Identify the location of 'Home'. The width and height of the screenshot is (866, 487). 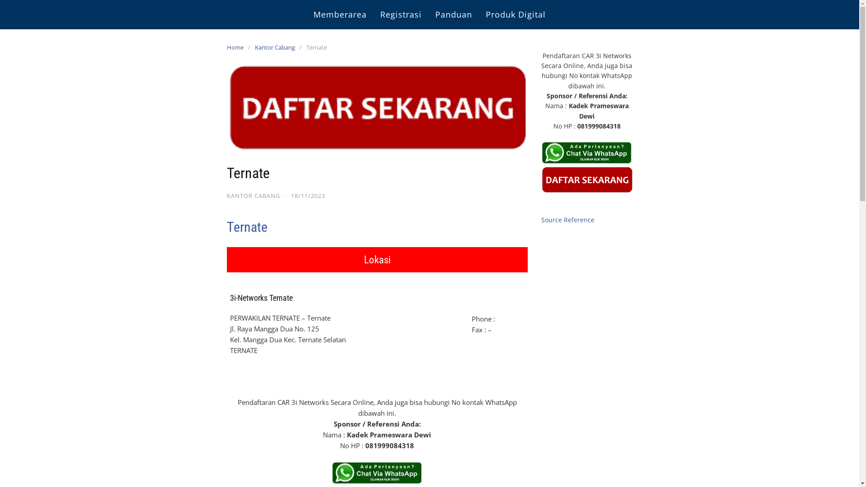
(226, 47).